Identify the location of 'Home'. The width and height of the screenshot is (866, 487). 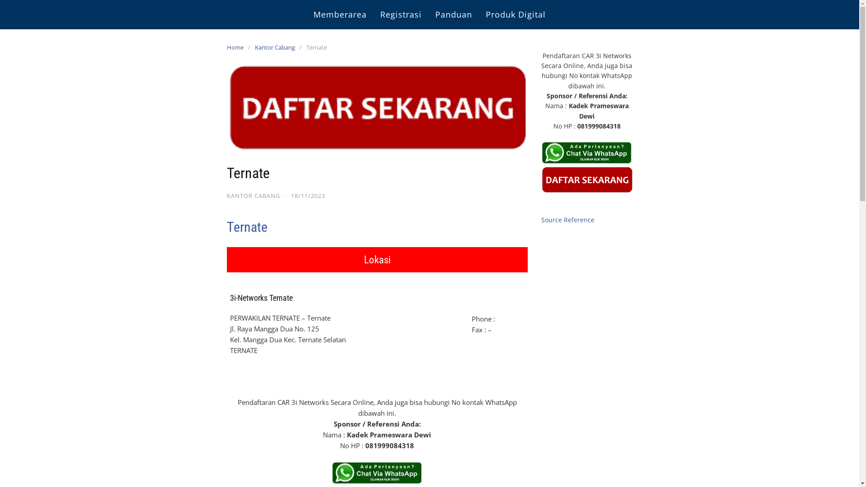
(226, 47).